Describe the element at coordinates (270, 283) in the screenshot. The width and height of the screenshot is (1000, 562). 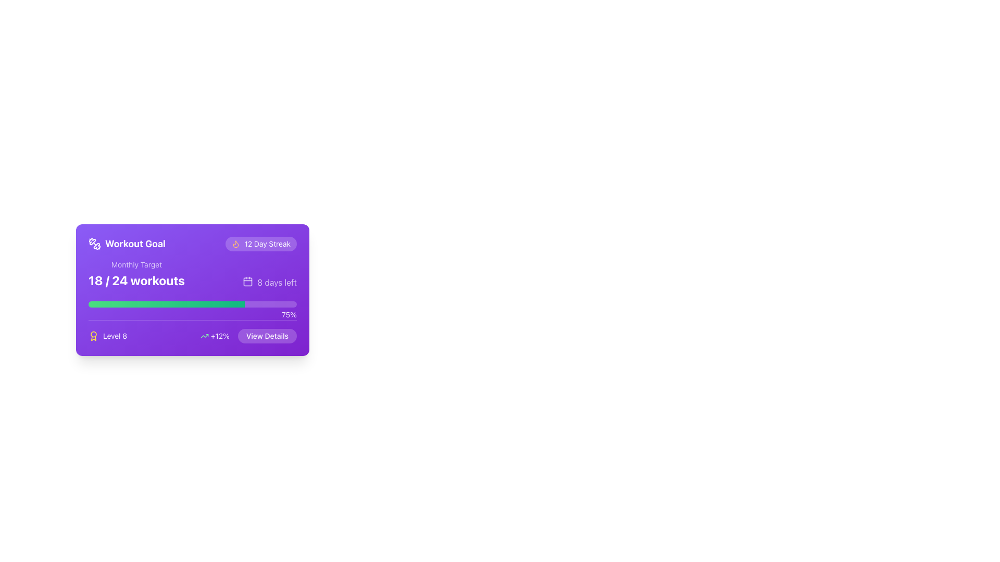
I see `the Text with icon component displaying '8 days left' located in the top-right corner of the purple card for workout goals` at that location.